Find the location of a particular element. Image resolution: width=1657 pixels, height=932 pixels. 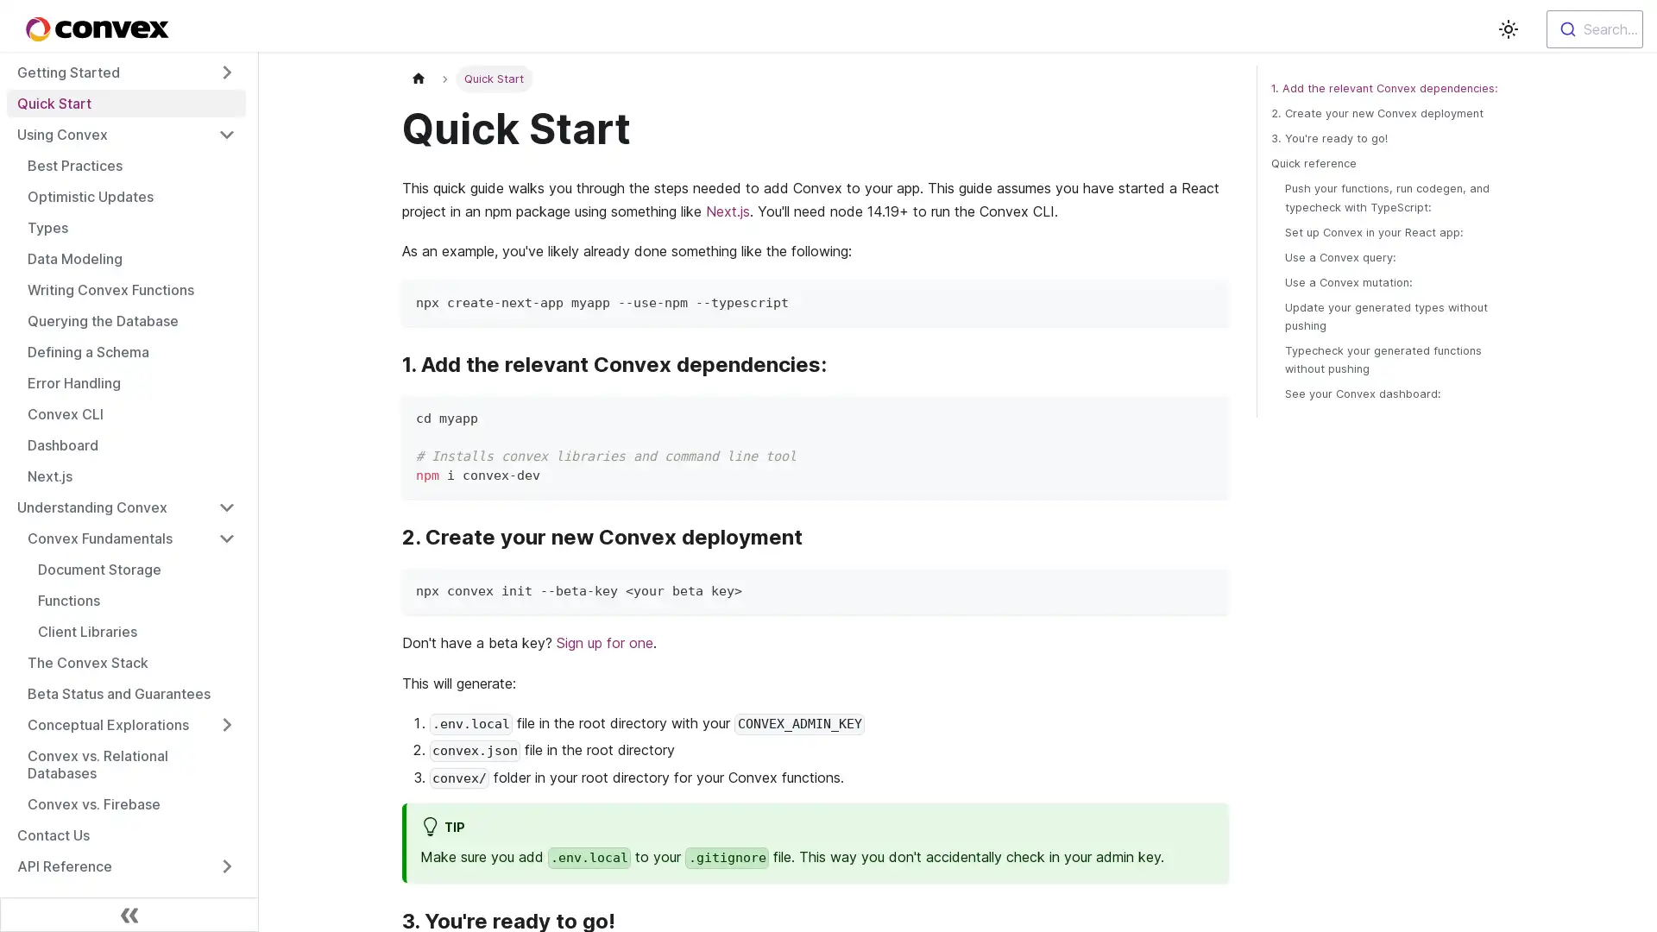

Copy code to clipboard is located at coordinates (1207, 299).